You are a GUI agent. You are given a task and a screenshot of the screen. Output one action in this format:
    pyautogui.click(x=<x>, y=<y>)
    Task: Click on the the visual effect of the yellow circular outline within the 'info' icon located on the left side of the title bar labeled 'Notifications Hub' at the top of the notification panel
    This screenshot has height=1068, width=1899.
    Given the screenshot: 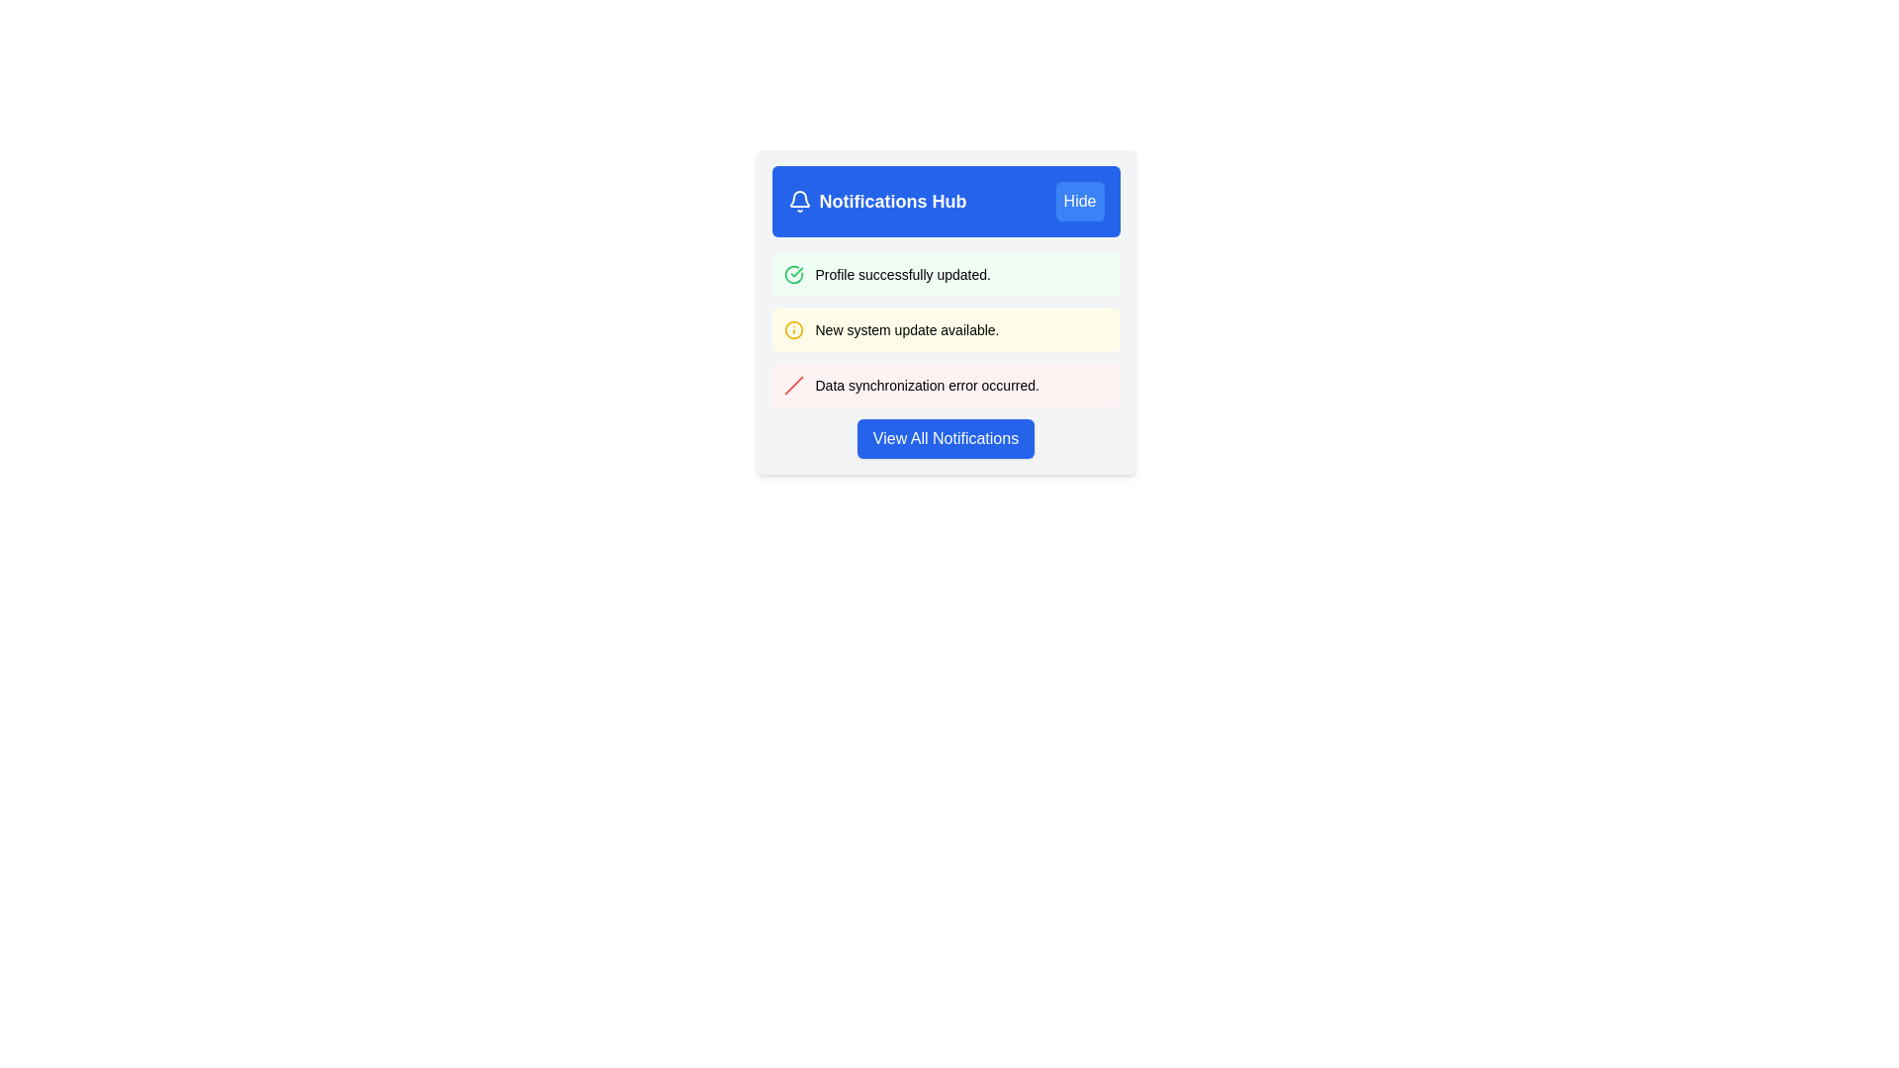 What is the action you would take?
    pyautogui.click(x=793, y=329)
    